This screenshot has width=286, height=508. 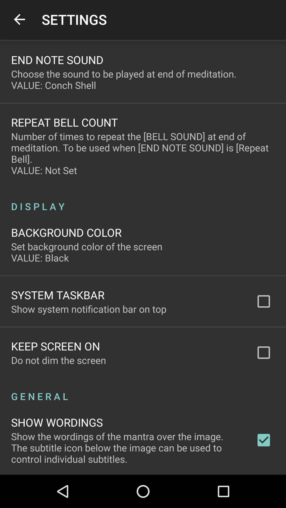 I want to click on number of times icon, so click(x=143, y=153).